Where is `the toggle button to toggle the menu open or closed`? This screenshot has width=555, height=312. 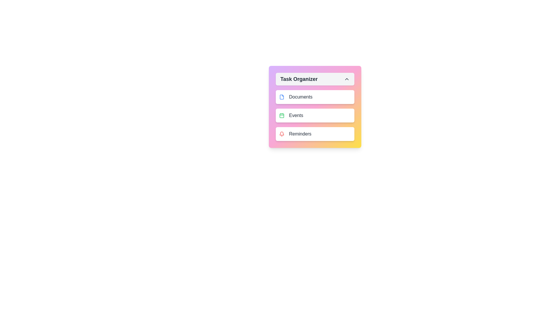
the toggle button to toggle the menu open or closed is located at coordinates (314, 79).